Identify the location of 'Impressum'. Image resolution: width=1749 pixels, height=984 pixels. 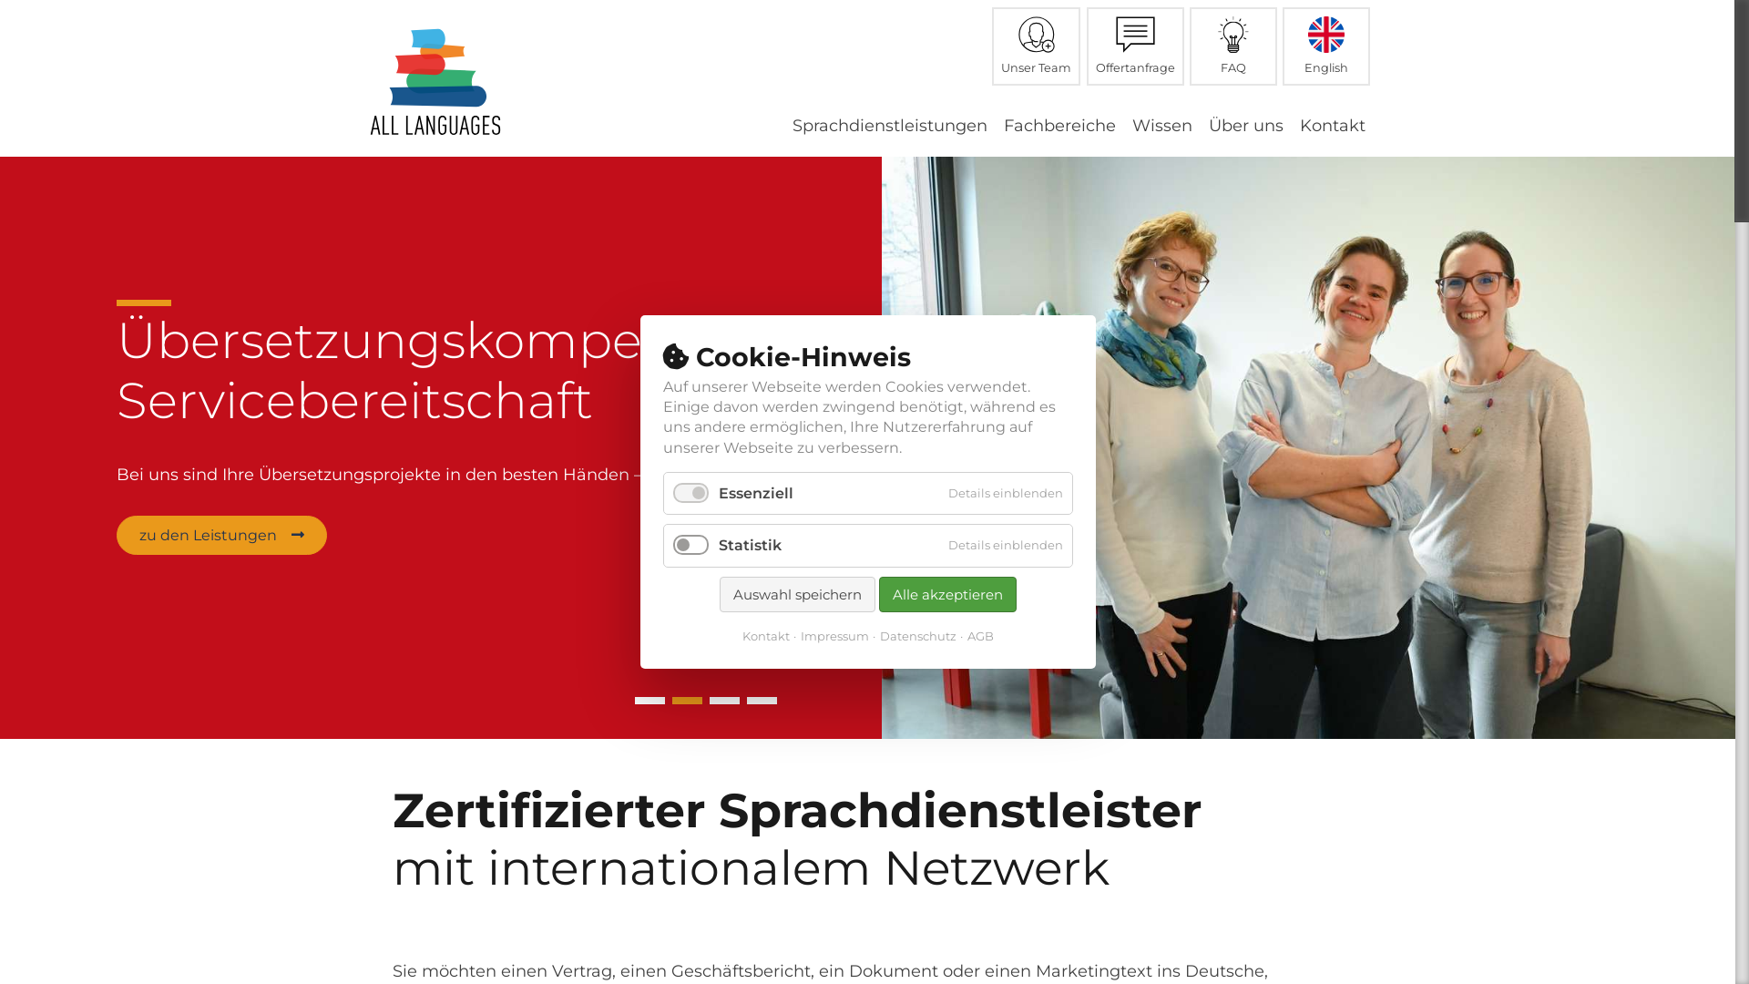
(829, 635).